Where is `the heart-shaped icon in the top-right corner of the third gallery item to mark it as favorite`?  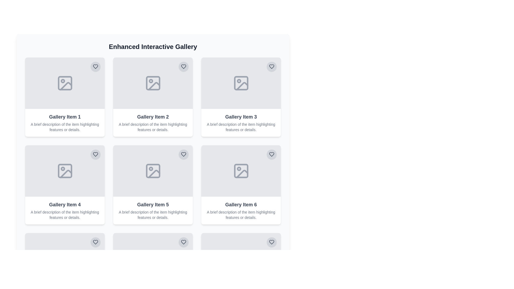 the heart-shaped icon in the top-right corner of the third gallery item to mark it as favorite is located at coordinates (271, 66).